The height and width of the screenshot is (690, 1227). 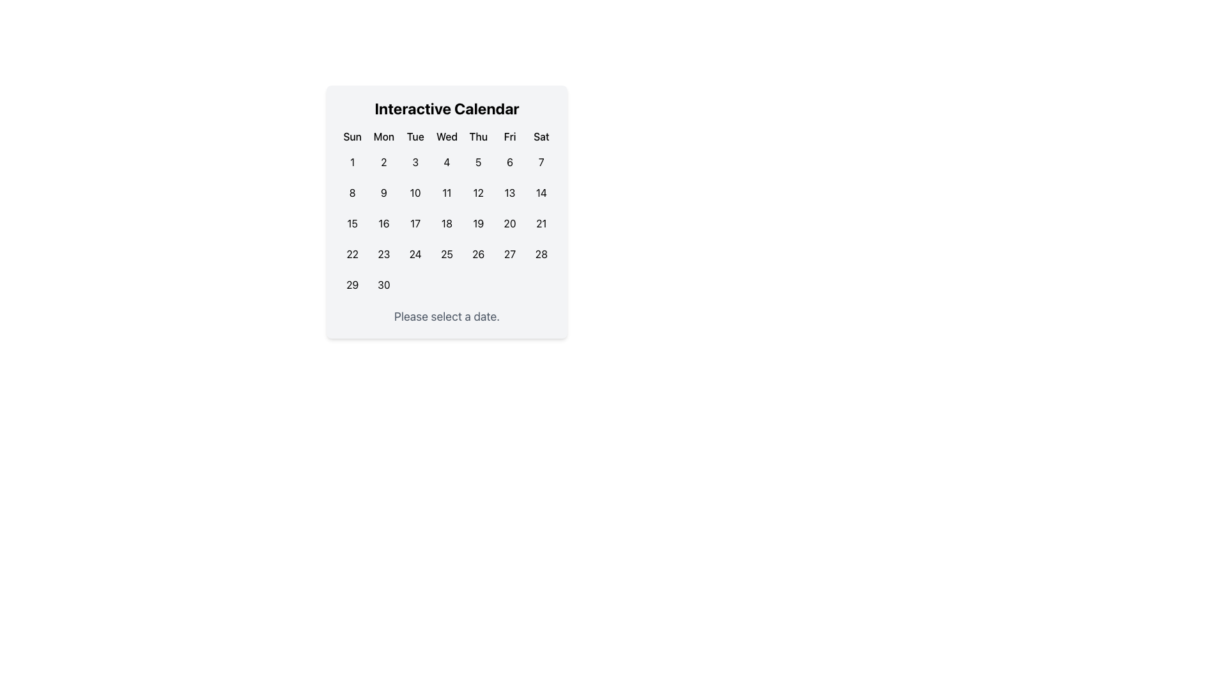 I want to click on the interactive button representing the date '3' in the calendar, so click(x=415, y=162).